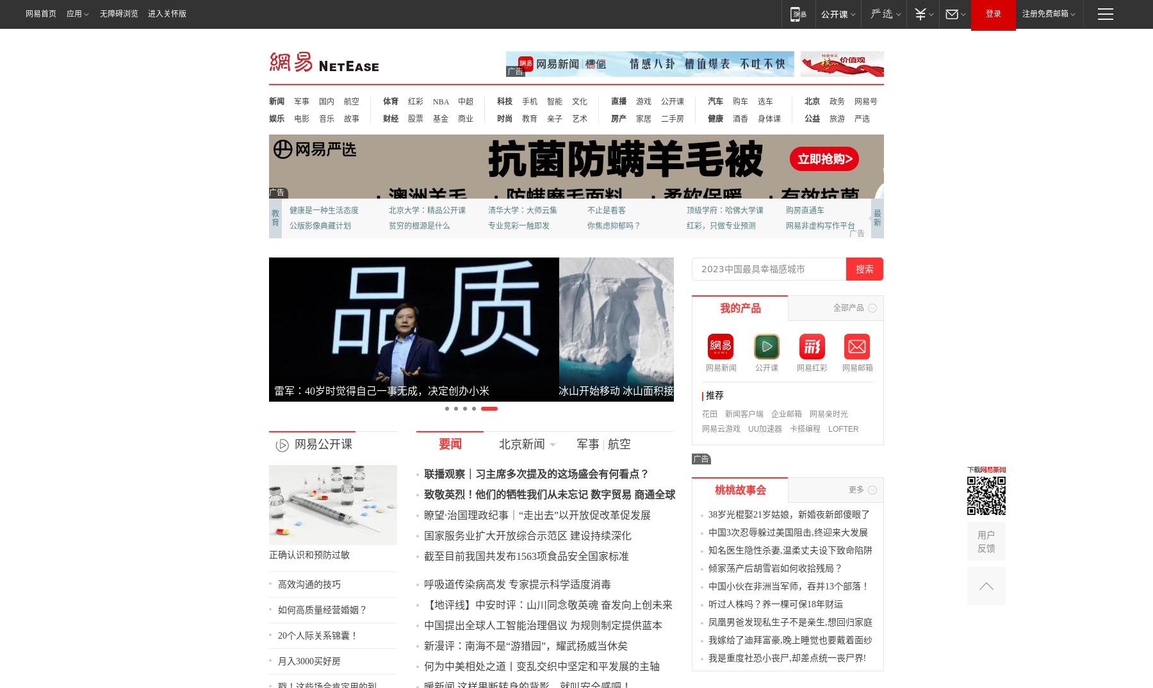  I want to click on '中国小伙在非洲当军师，吞并13个部落！', so click(865, 601).